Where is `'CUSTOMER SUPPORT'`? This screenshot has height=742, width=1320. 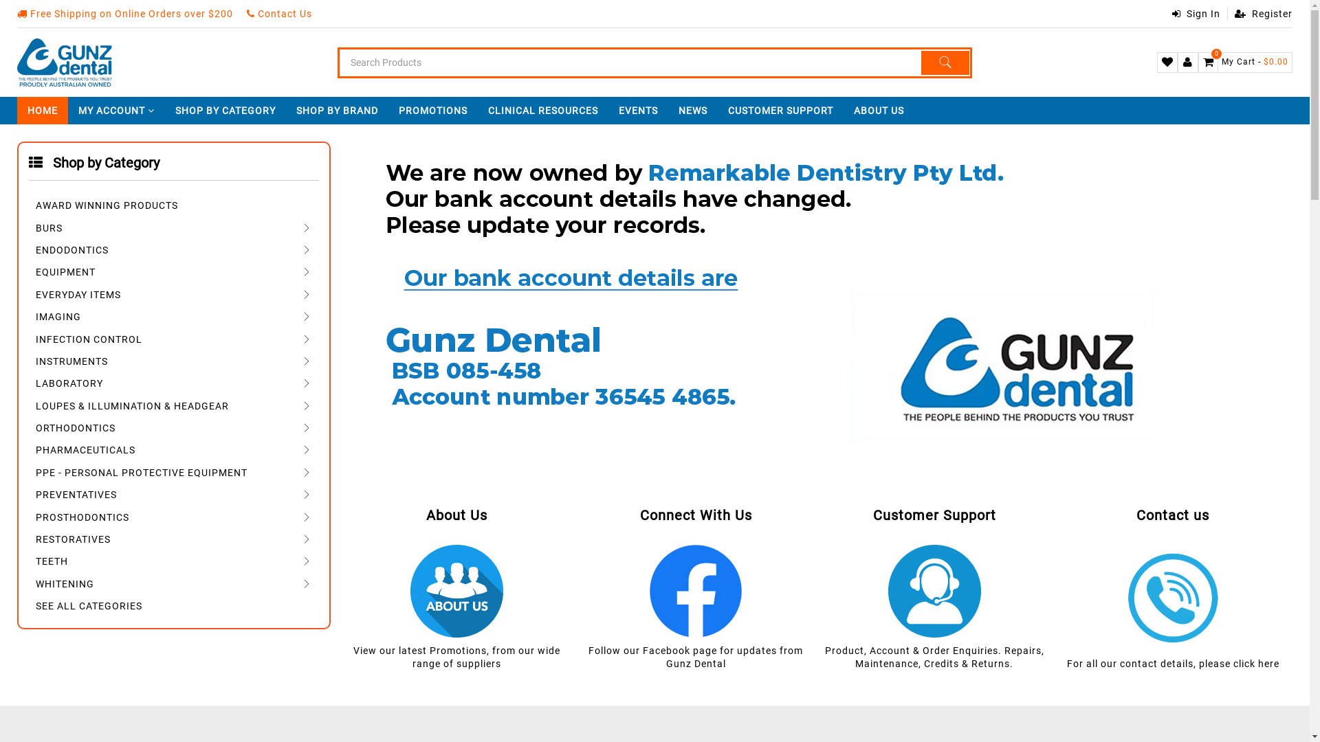
'CUSTOMER SUPPORT' is located at coordinates (780, 110).